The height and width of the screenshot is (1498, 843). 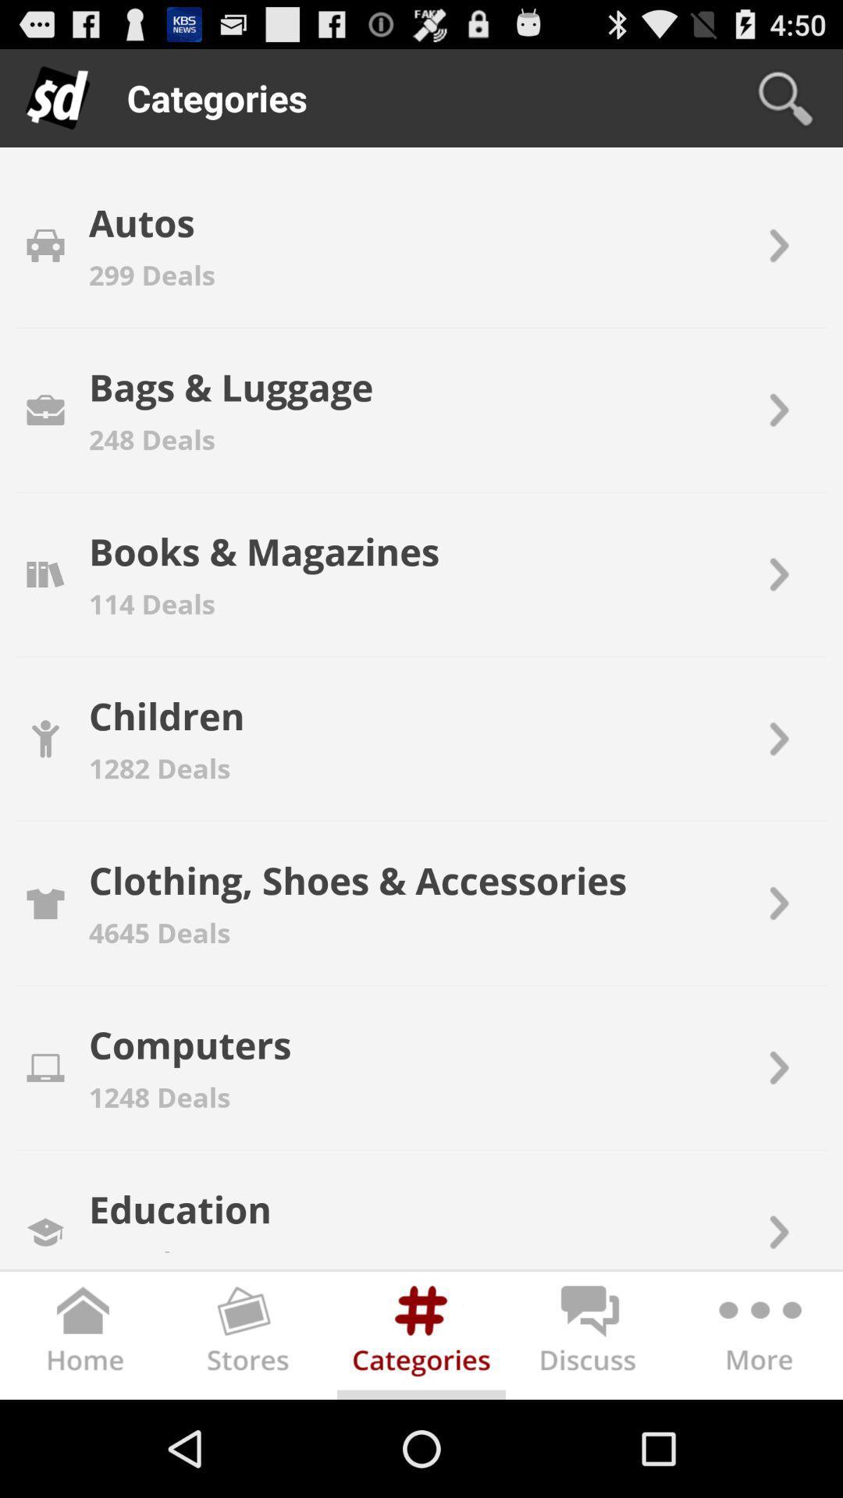 What do you see at coordinates (159, 932) in the screenshot?
I see `item above computers app` at bounding box center [159, 932].